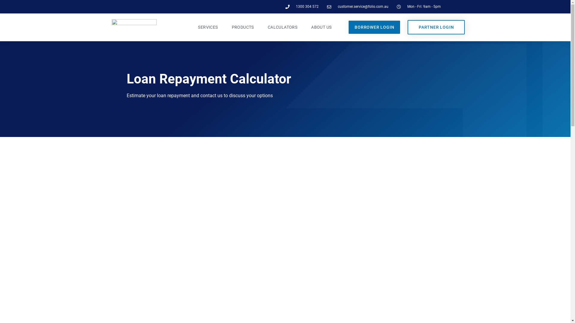 The image size is (575, 323). I want to click on 'SERVICES', so click(208, 27).